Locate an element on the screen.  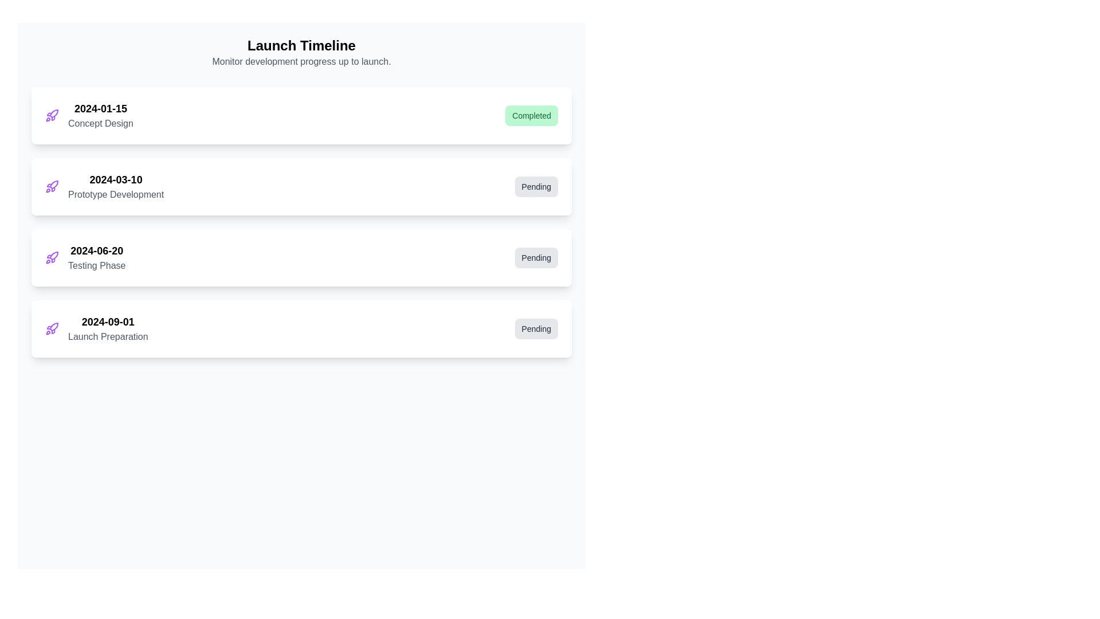
the text label displaying 'Testing Phase', which is located directly under the date '2024-06-20' in the third row of the list under the 'Launch Timeline' section is located at coordinates (97, 265).